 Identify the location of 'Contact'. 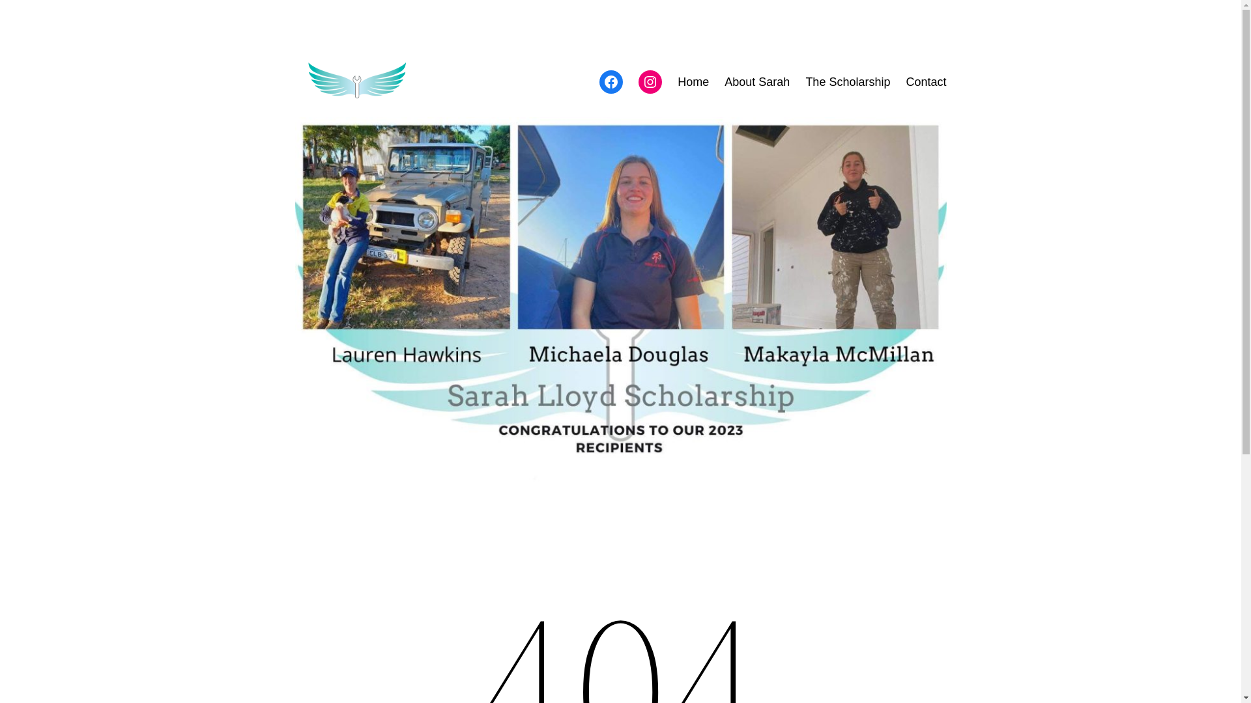
(925, 82).